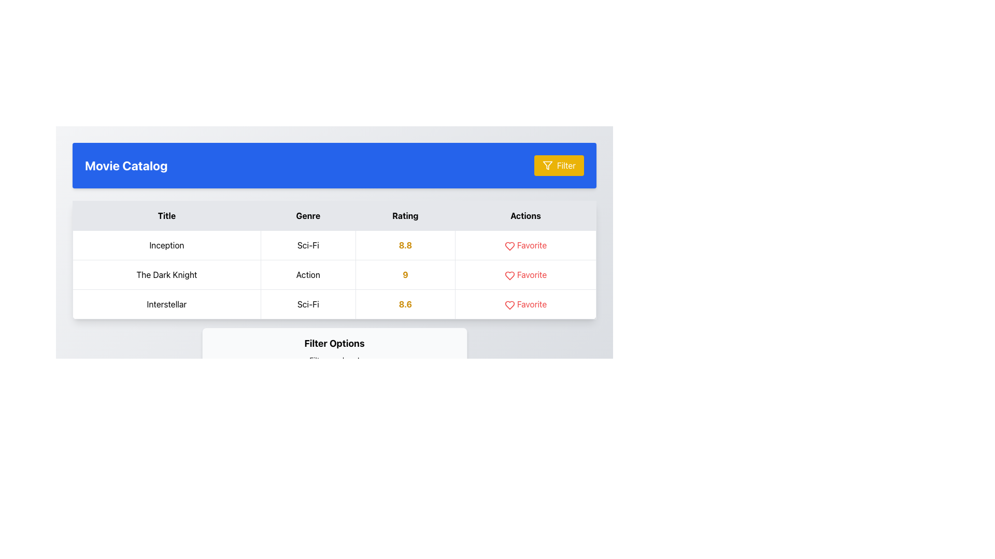 Image resolution: width=995 pixels, height=559 pixels. Describe the element at coordinates (405, 274) in the screenshot. I see `the bold, yellow number '9' displayed in the 'Rating' column for the row labeled 'The Dark Knight' in the table layout` at that location.